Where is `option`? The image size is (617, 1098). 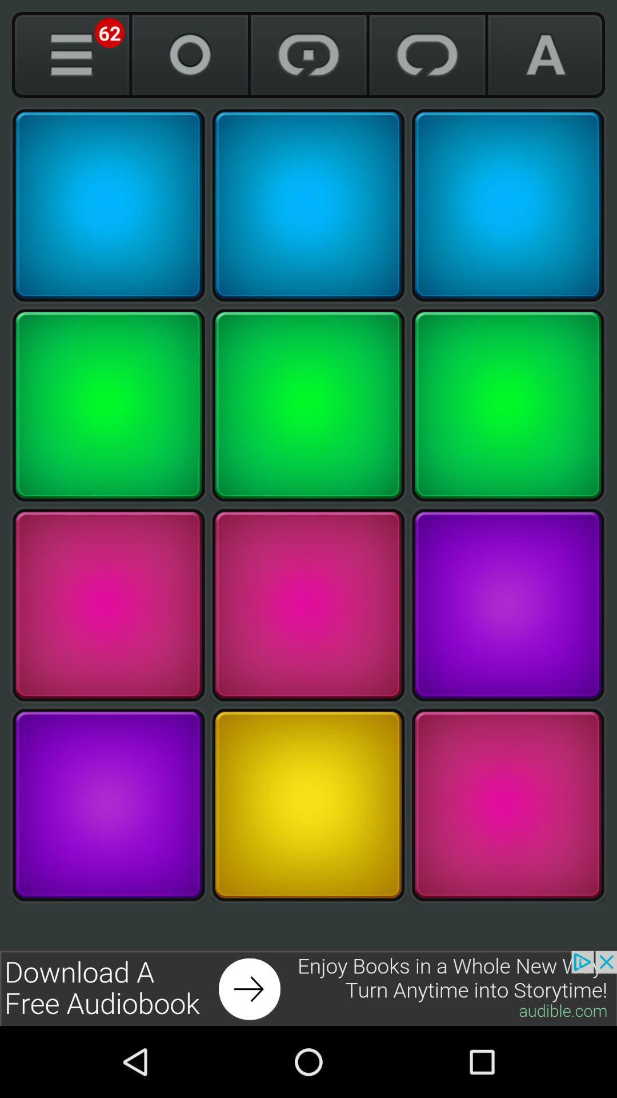 option is located at coordinates (109, 205).